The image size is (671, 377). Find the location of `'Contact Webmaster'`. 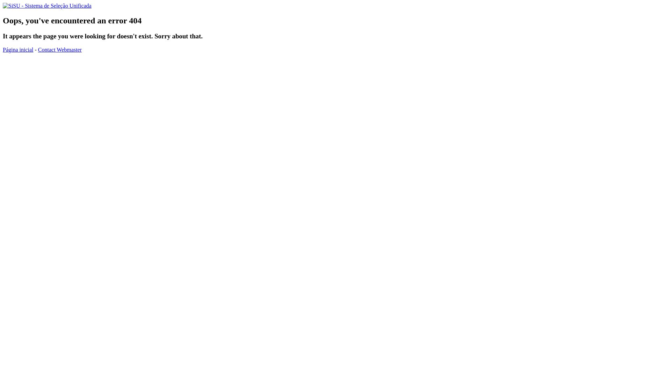

'Contact Webmaster' is located at coordinates (60, 49).